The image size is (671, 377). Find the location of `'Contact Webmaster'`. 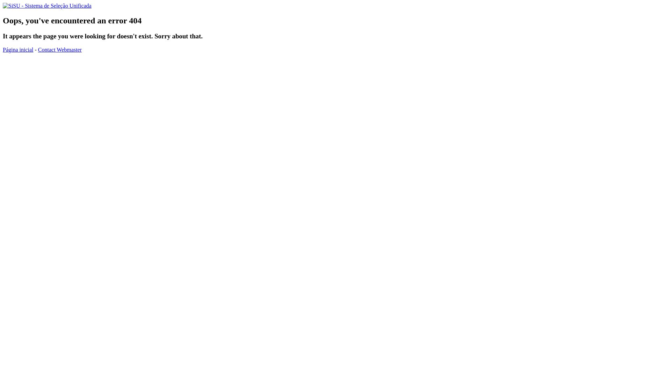

'Contact Webmaster' is located at coordinates (60, 49).